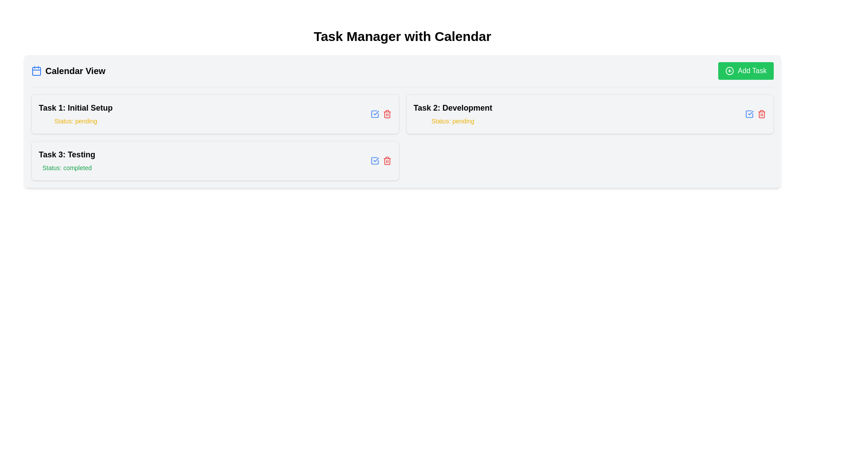 The width and height of the screenshot is (846, 476). Describe the element at coordinates (749, 113) in the screenshot. I see `the checkmark icon located in the 'Task 2: Development' section to mark the task as complete` at that location.